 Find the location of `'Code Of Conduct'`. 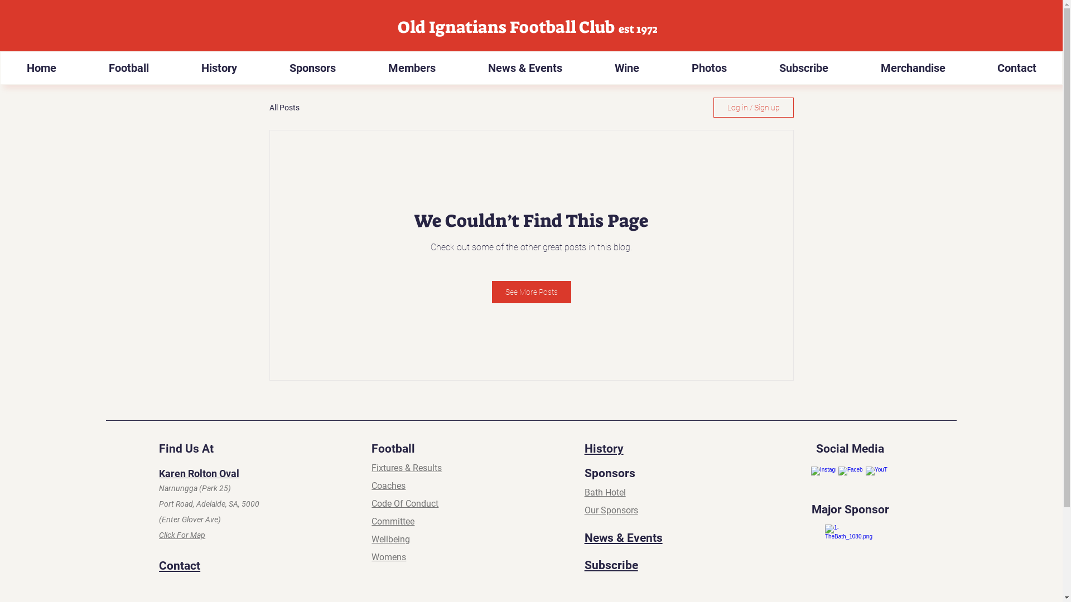

'Code Of Conduct' is located at coordinates (372, 503).